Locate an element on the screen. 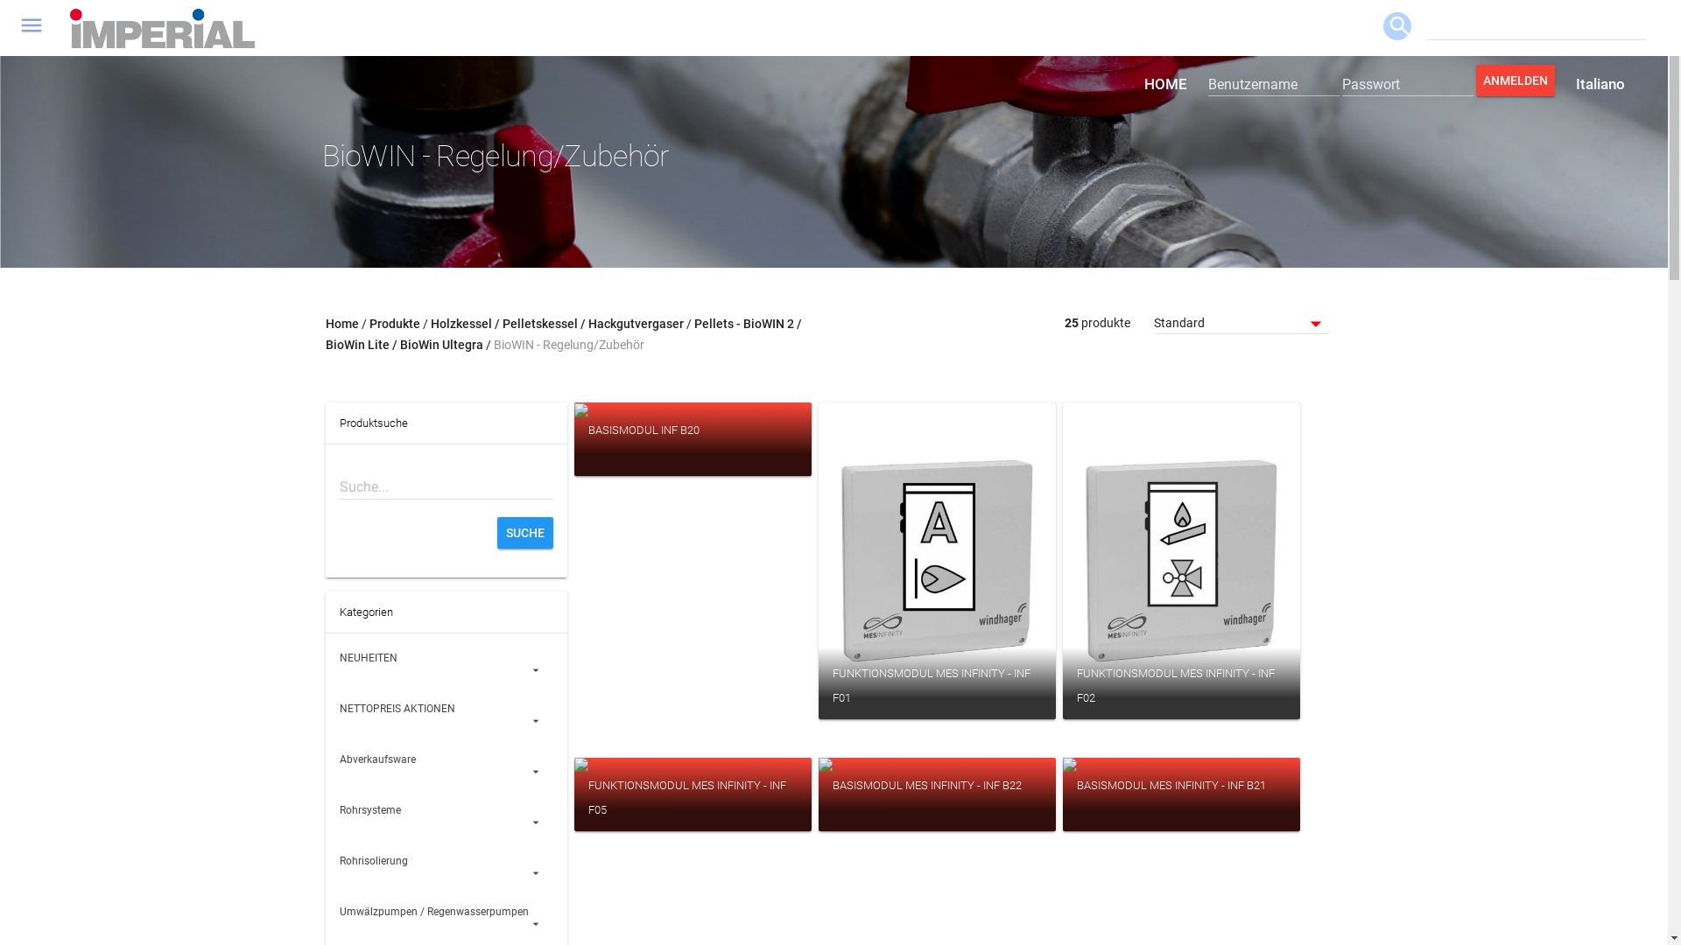 The width and height of the screenshot is (1681, 945). 'Produkte' is located at coordinates (394, 324).